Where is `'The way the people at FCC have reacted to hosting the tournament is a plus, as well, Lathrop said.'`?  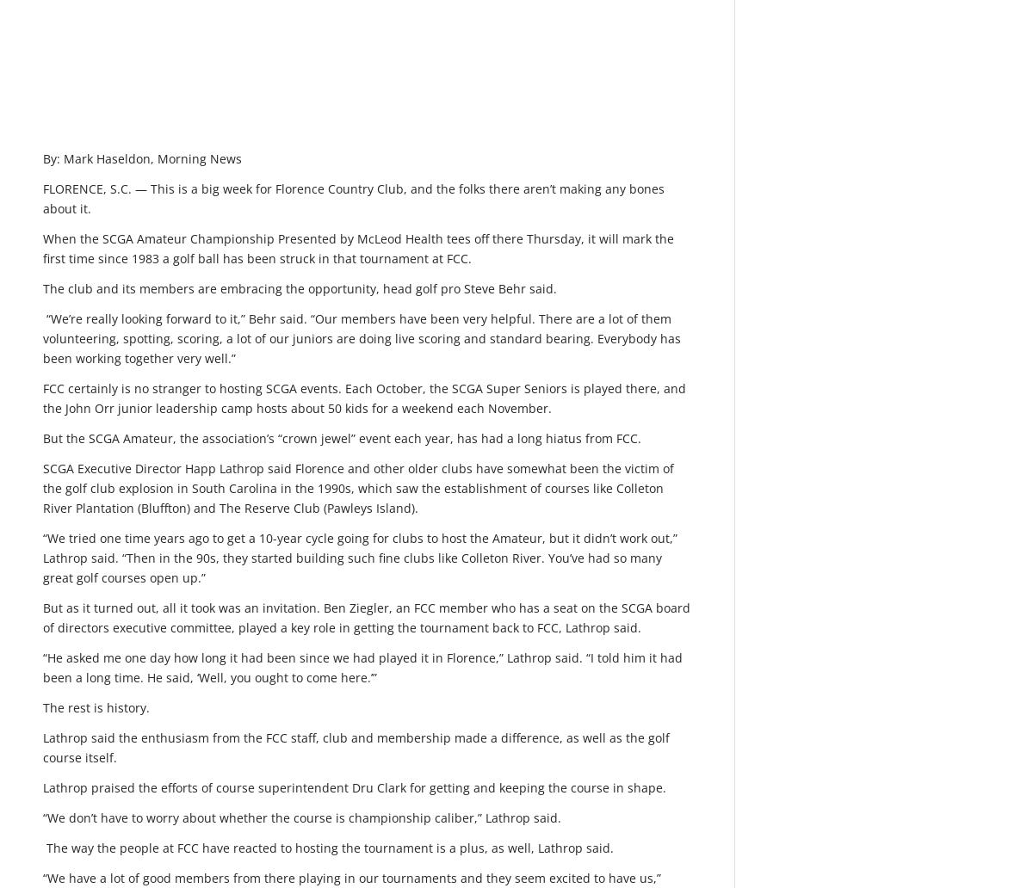 'The way the people at FCC have reacted to hosting the tournament is a plus, as well, Lathrop said.' is located at coordinates (328, 847).